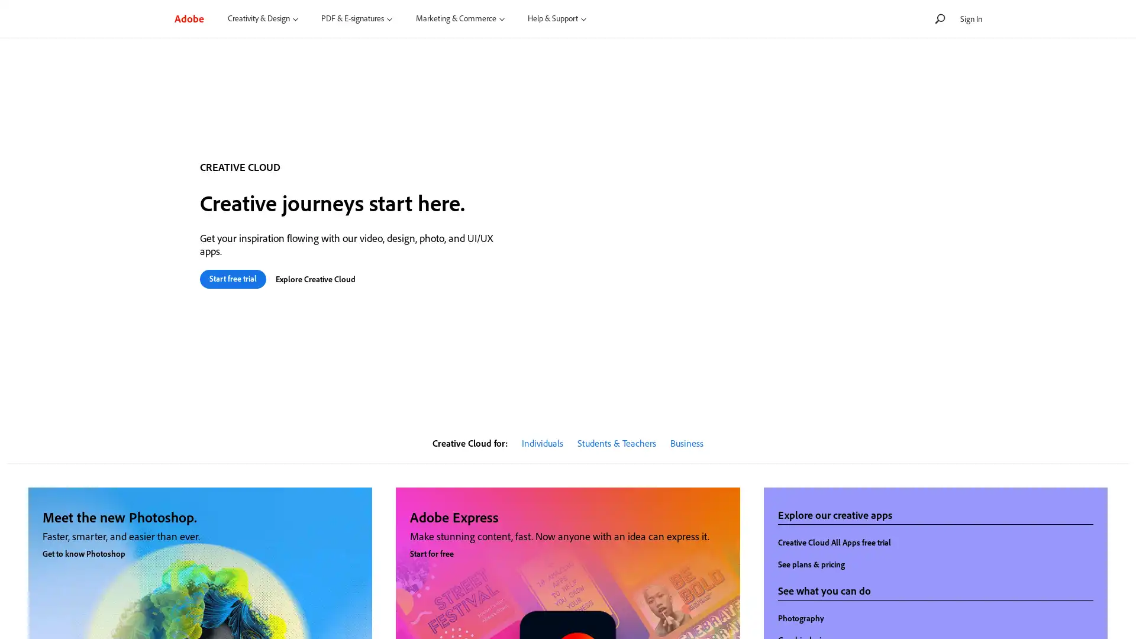 The image size is (1136, 639). Describe the element at coordinates (180, 605) in the screenshot. I see `Yes` at that location.